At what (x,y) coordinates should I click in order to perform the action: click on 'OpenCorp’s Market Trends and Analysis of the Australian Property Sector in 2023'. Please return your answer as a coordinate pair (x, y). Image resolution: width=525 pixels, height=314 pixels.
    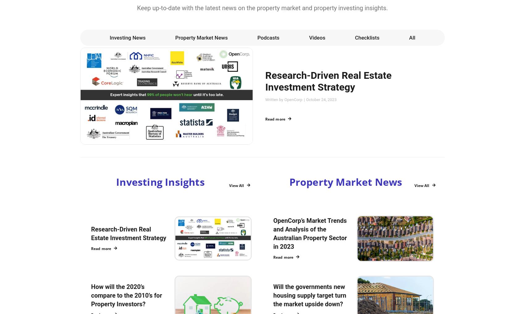
    Looking at the image, I should click on (310, 233).